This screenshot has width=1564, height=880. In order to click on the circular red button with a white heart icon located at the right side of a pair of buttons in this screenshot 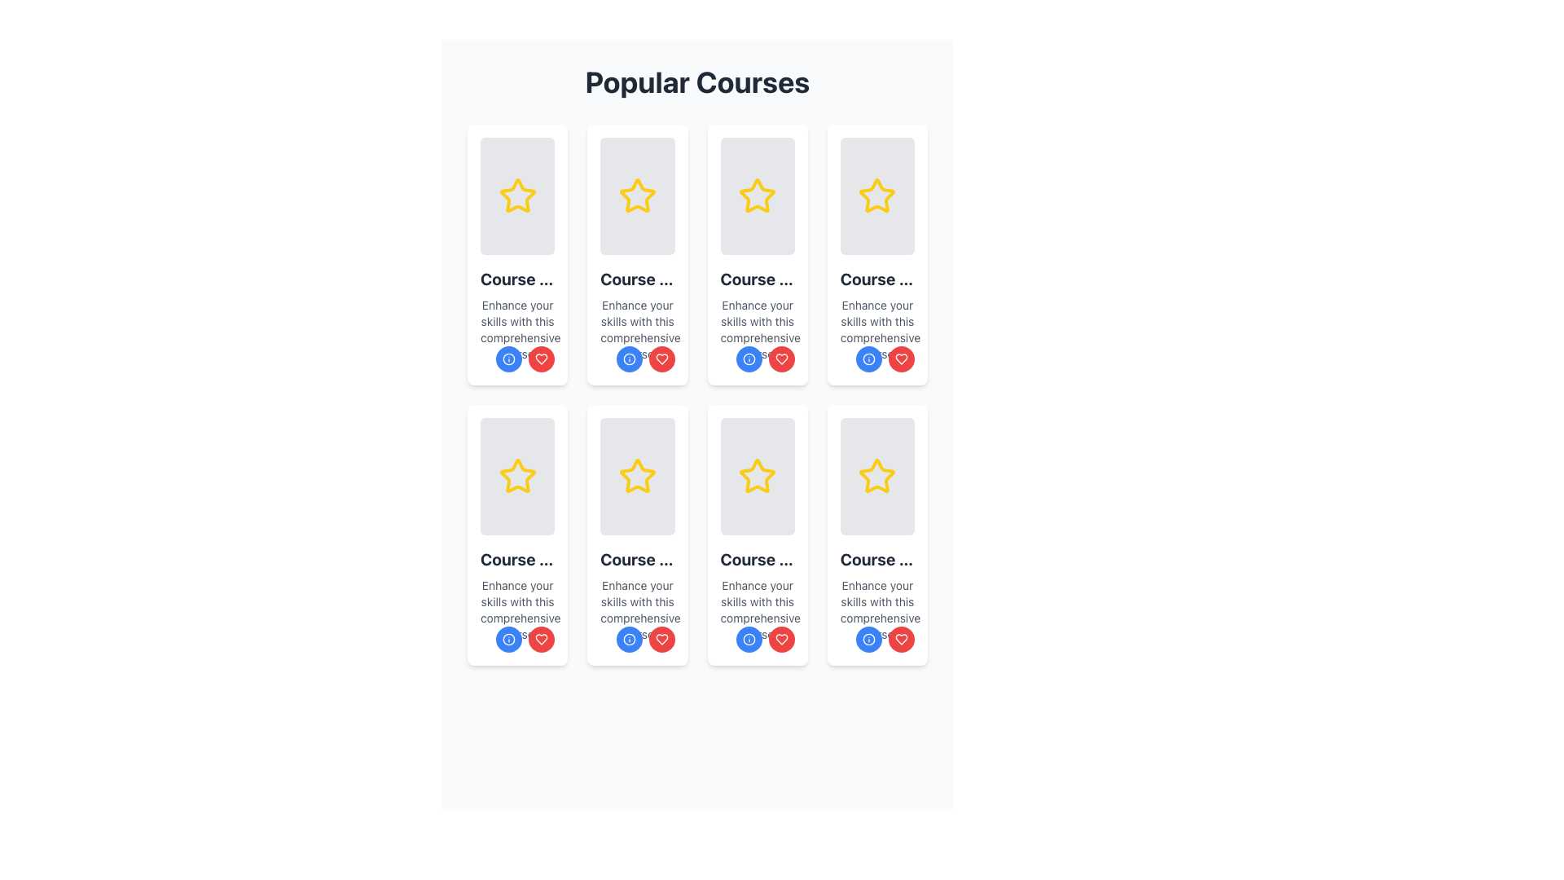, I will do `click(542, 358)`.